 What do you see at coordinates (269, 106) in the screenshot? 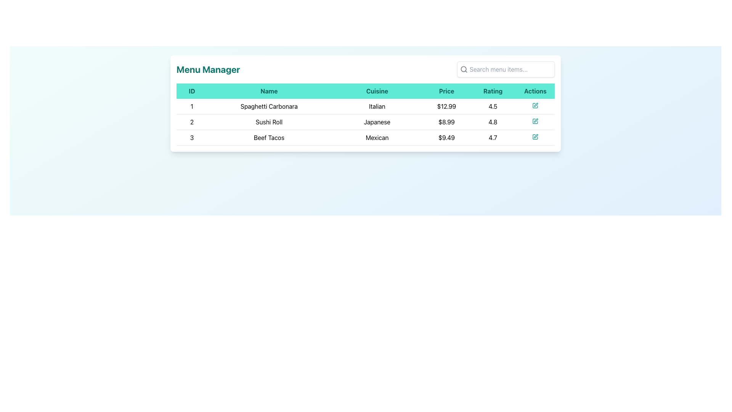
I see `the text displayed in the second cell of the 'Name' column in the 'Menu Manager' section, where the ID is '1'` at bounding box center [269, 106].